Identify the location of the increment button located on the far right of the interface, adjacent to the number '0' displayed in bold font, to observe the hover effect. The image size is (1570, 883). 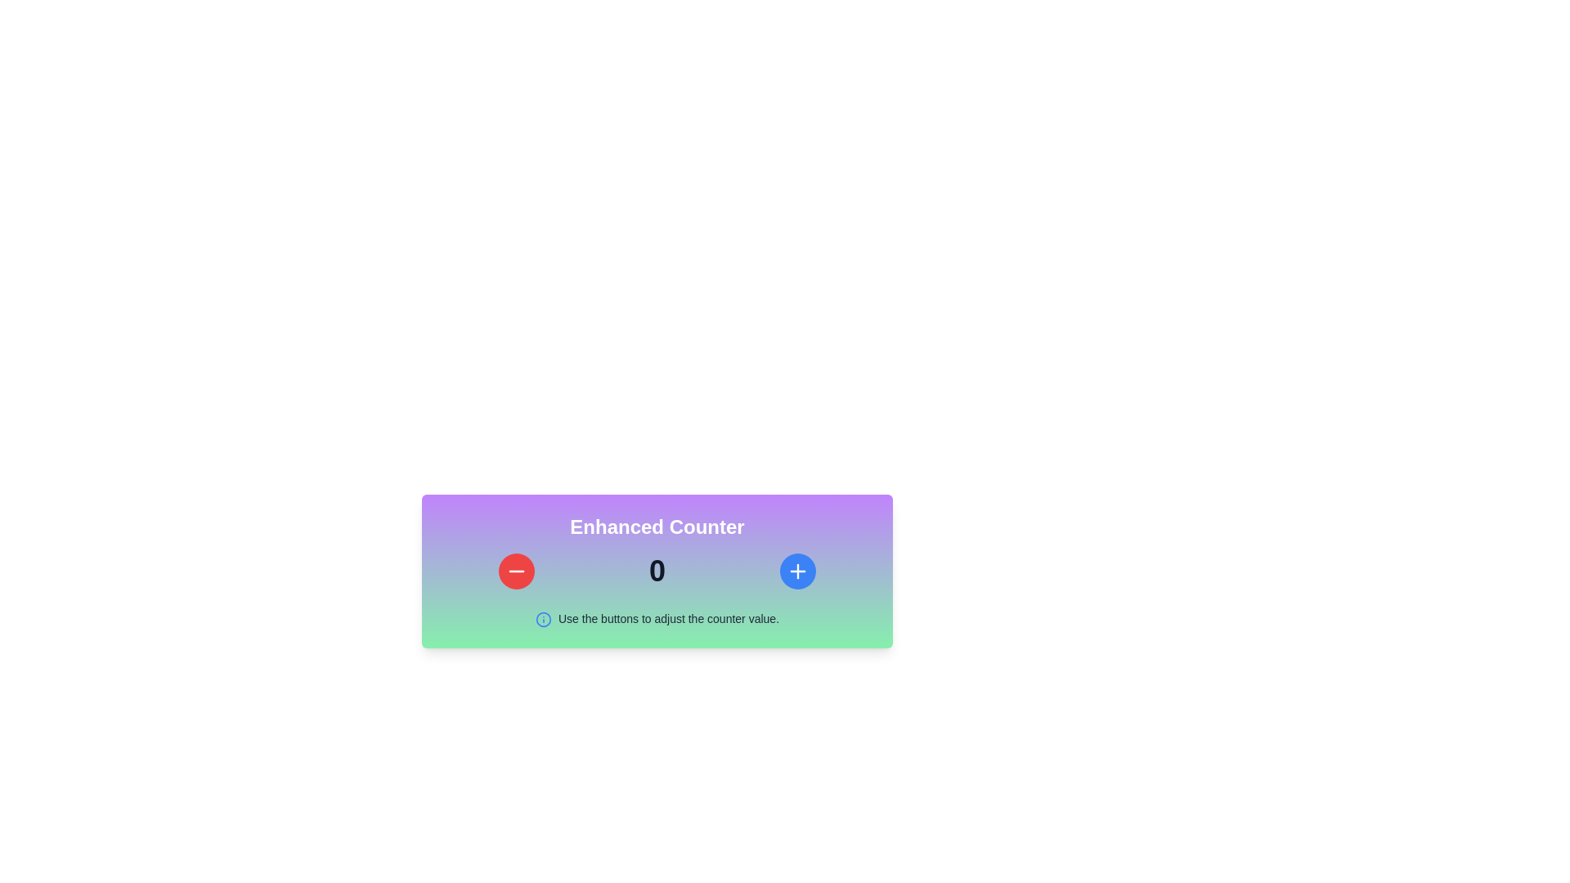
(797, 570).